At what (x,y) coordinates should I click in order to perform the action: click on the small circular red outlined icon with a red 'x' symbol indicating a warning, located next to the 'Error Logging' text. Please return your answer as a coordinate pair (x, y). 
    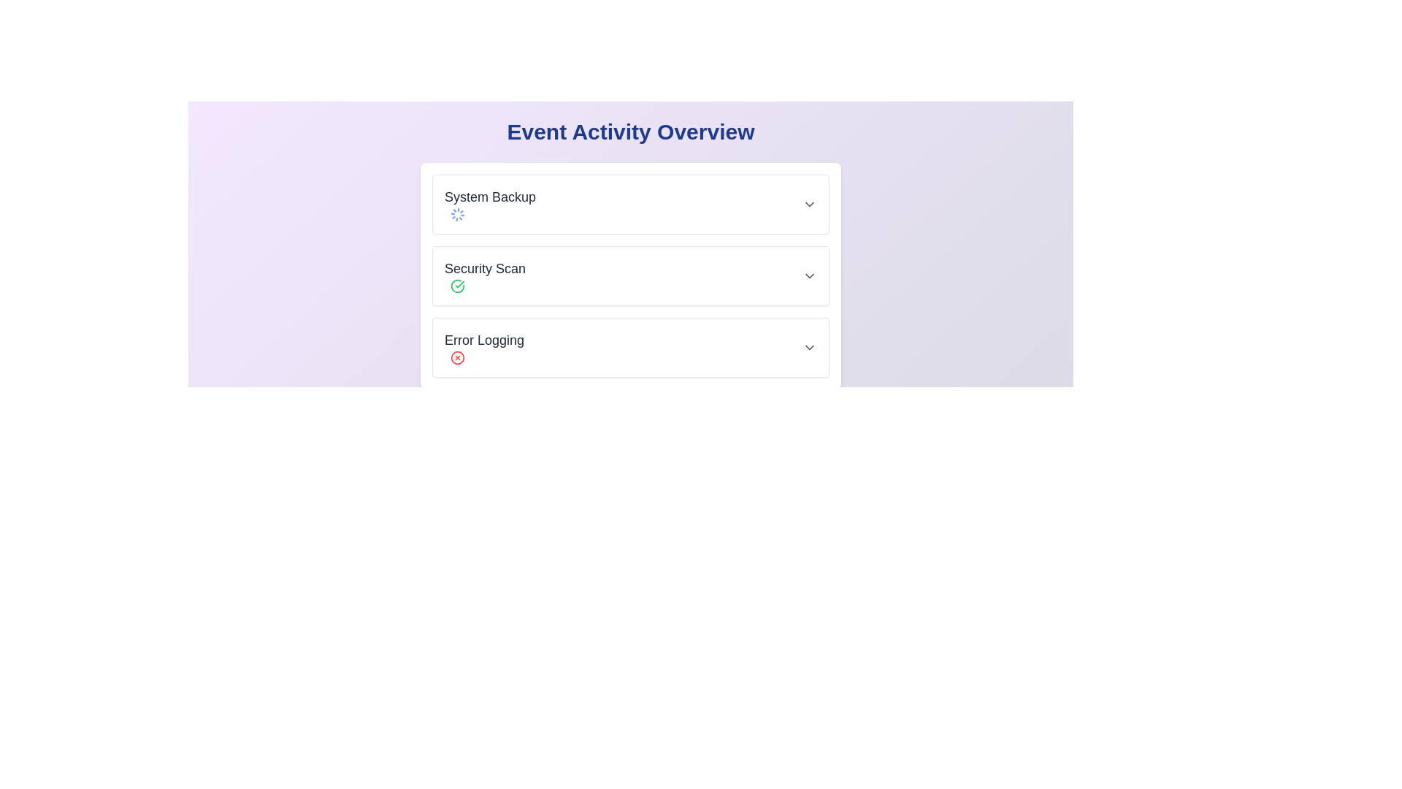
    Looking at the image, I should click on (457, 357).